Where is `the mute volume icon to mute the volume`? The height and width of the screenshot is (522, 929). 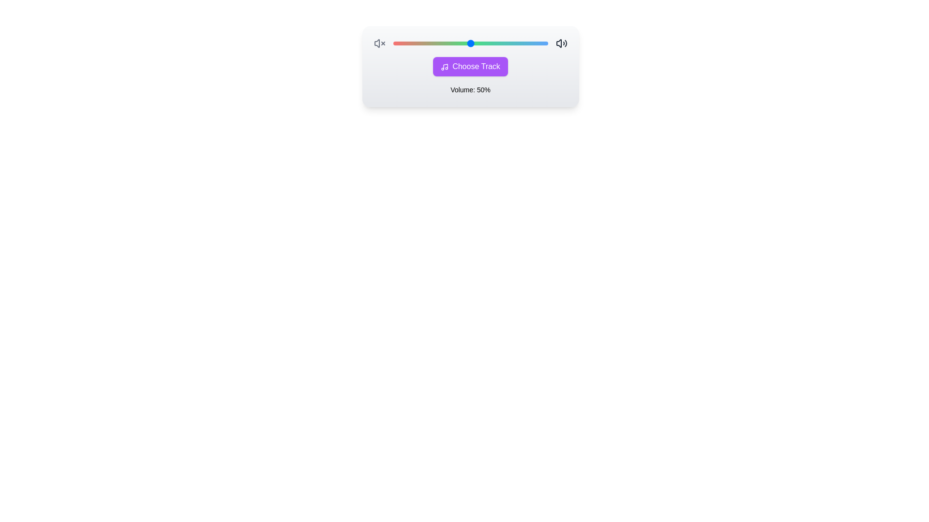
the mute volume icon to mute the volume is located at coordinates (379, 43).